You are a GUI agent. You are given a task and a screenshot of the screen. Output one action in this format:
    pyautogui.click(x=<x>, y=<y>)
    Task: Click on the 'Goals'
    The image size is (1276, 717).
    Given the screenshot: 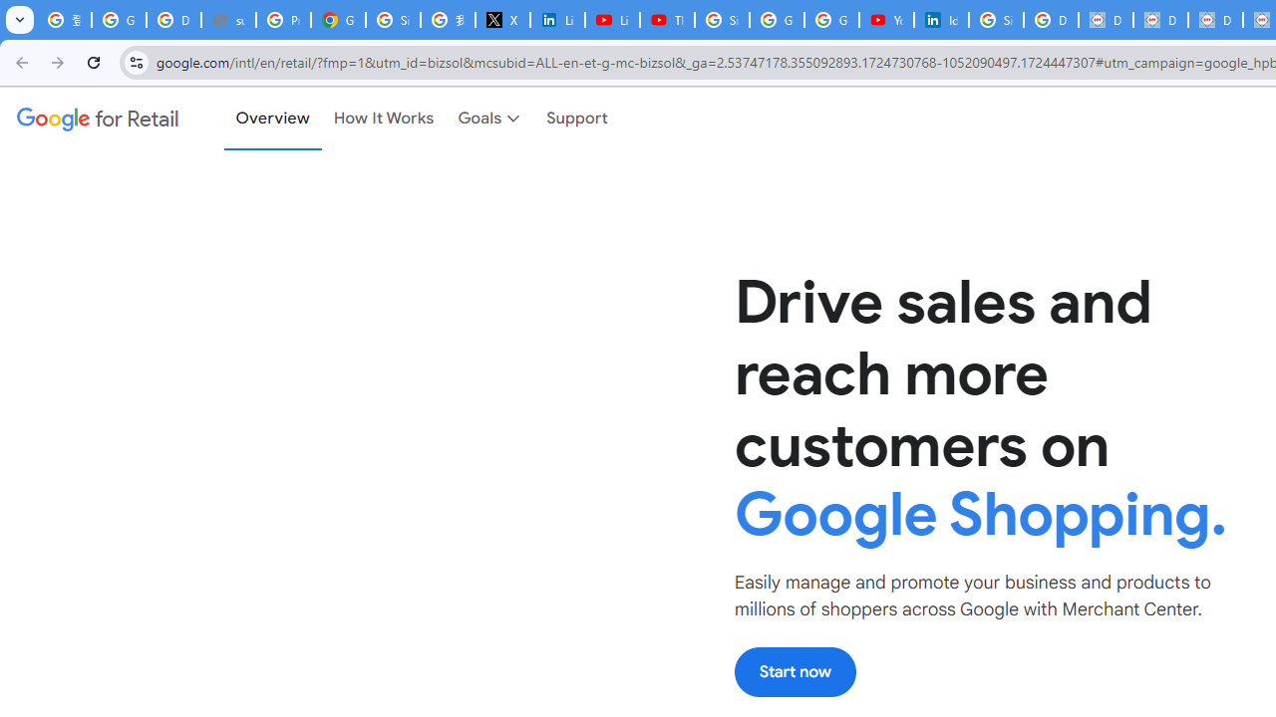 What is the action you would take?
    pyautogui.click(x=490, y=119)
    